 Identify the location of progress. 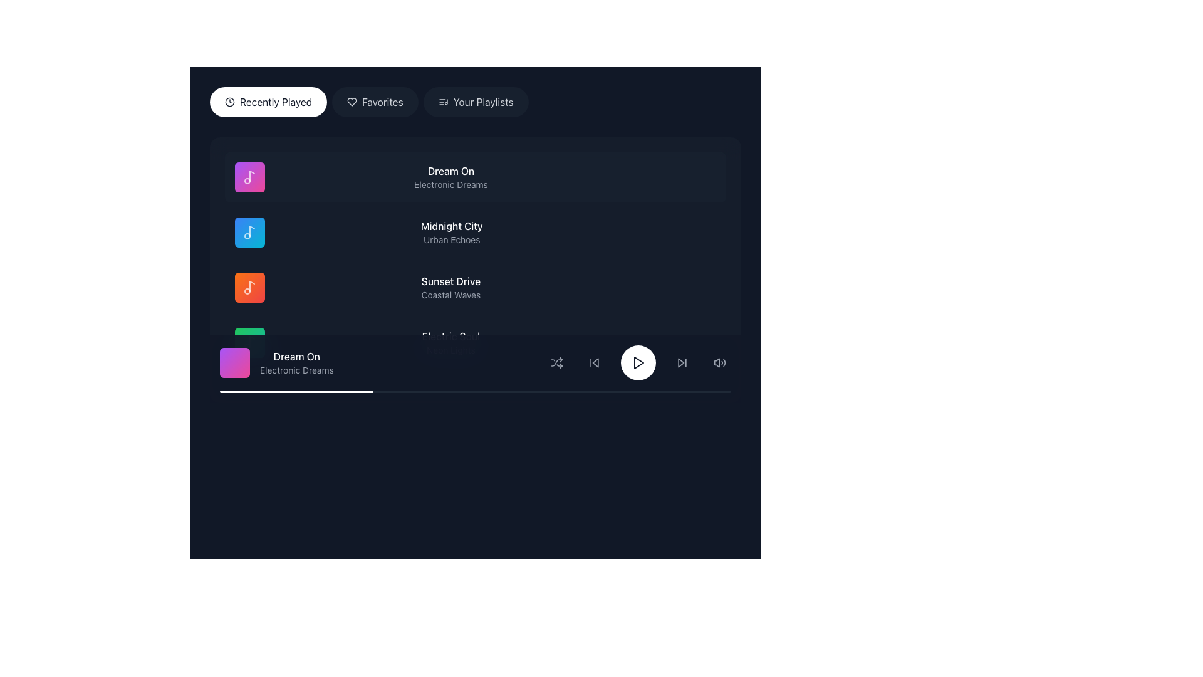
(296, 391).